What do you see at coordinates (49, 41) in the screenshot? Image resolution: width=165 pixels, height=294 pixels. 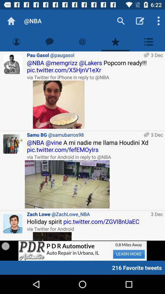 I see `messages section` at bounding box center [49, 41].